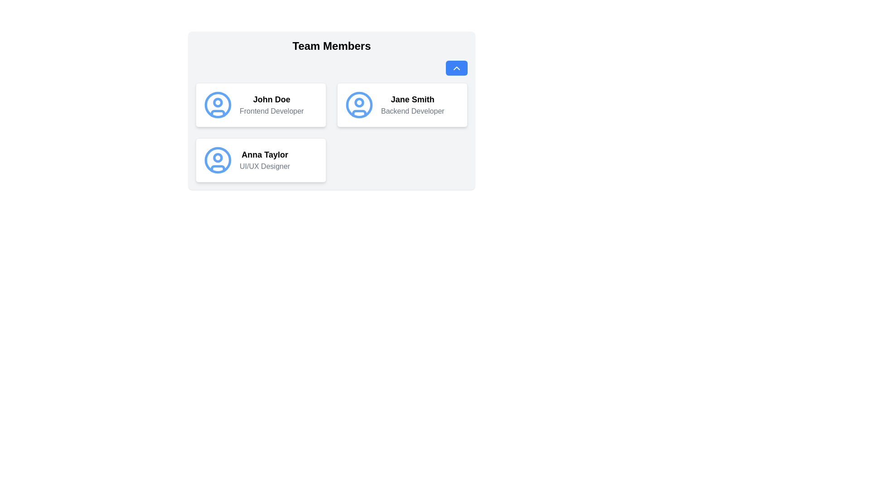 The width and height of the screenshot is (870, 489). What do you see at coordinates (402, 104) in the screenshot?
I see `the second card component in the 'Team Members' section featuring the user icon and text for 'Jane Smith'` at bounding box center [402, 104].